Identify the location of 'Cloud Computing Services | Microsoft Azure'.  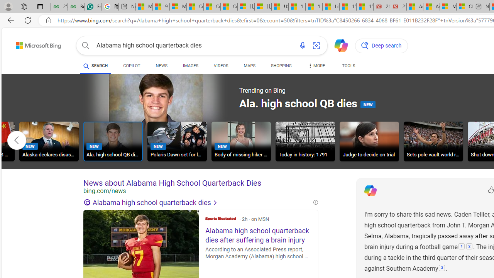
(464, 7).